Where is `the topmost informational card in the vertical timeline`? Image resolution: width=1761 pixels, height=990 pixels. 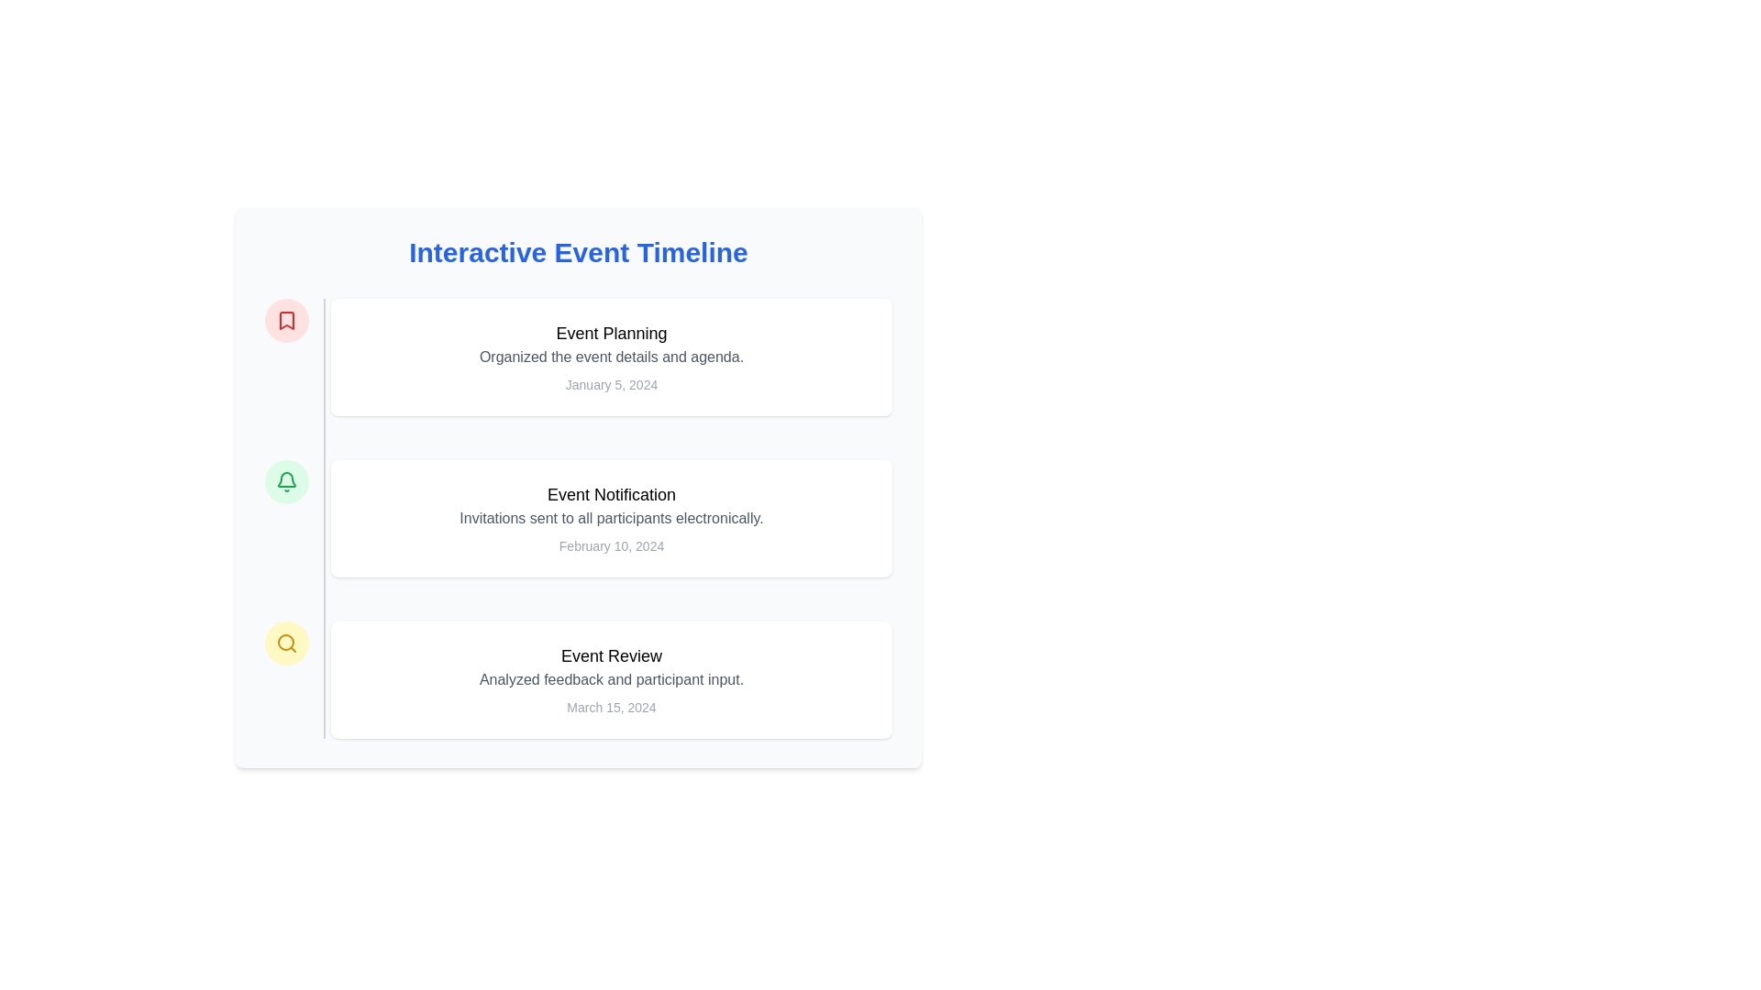 the topmost informational card in the vertical timeline is located at coordinates (577, 357).